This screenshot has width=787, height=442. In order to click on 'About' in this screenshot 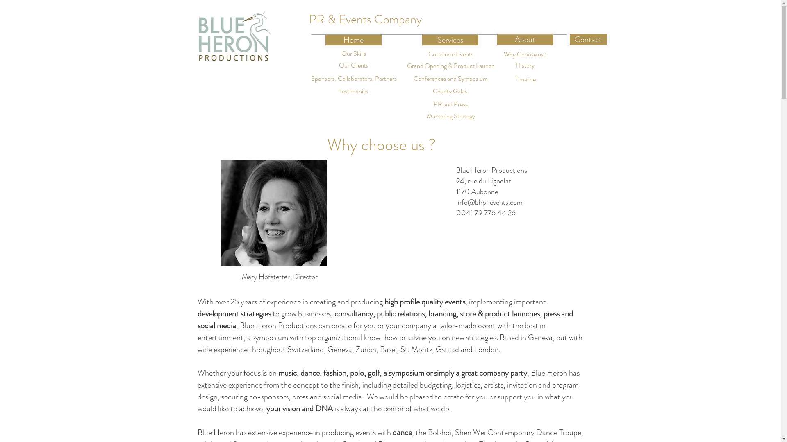, I will do `click(525, 39)`.